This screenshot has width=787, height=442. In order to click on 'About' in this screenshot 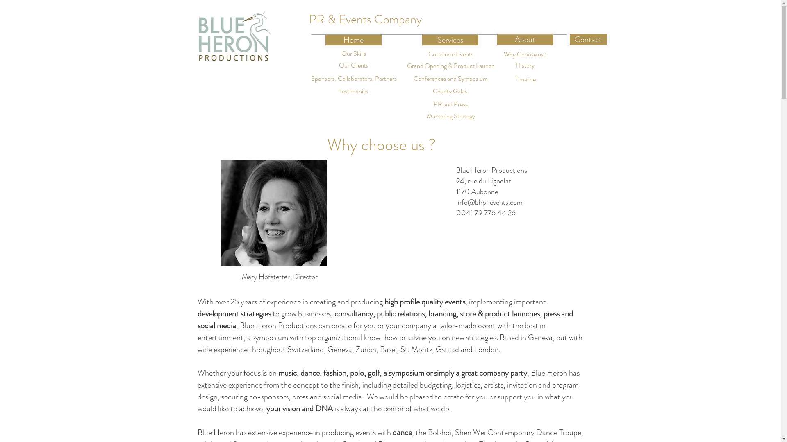, I will do `click(525, 39)`.